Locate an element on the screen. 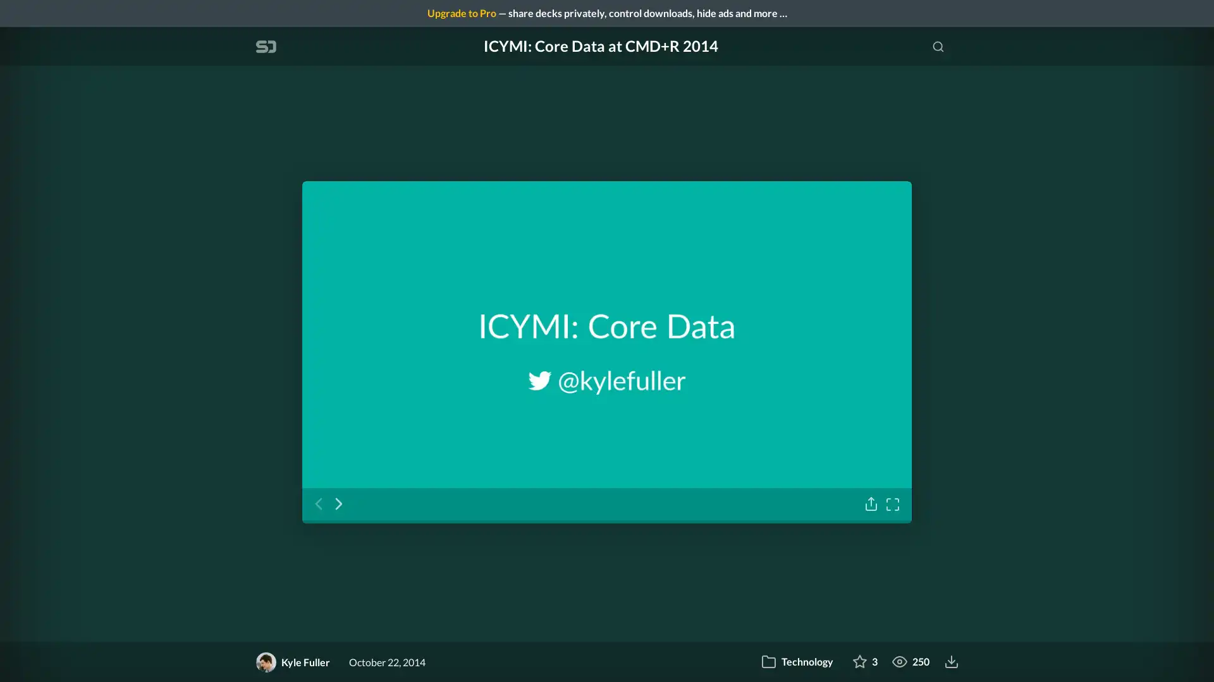 The width and height of the screenshot is (1214, 682). Toggle Search is located at coordinates (938, 45).